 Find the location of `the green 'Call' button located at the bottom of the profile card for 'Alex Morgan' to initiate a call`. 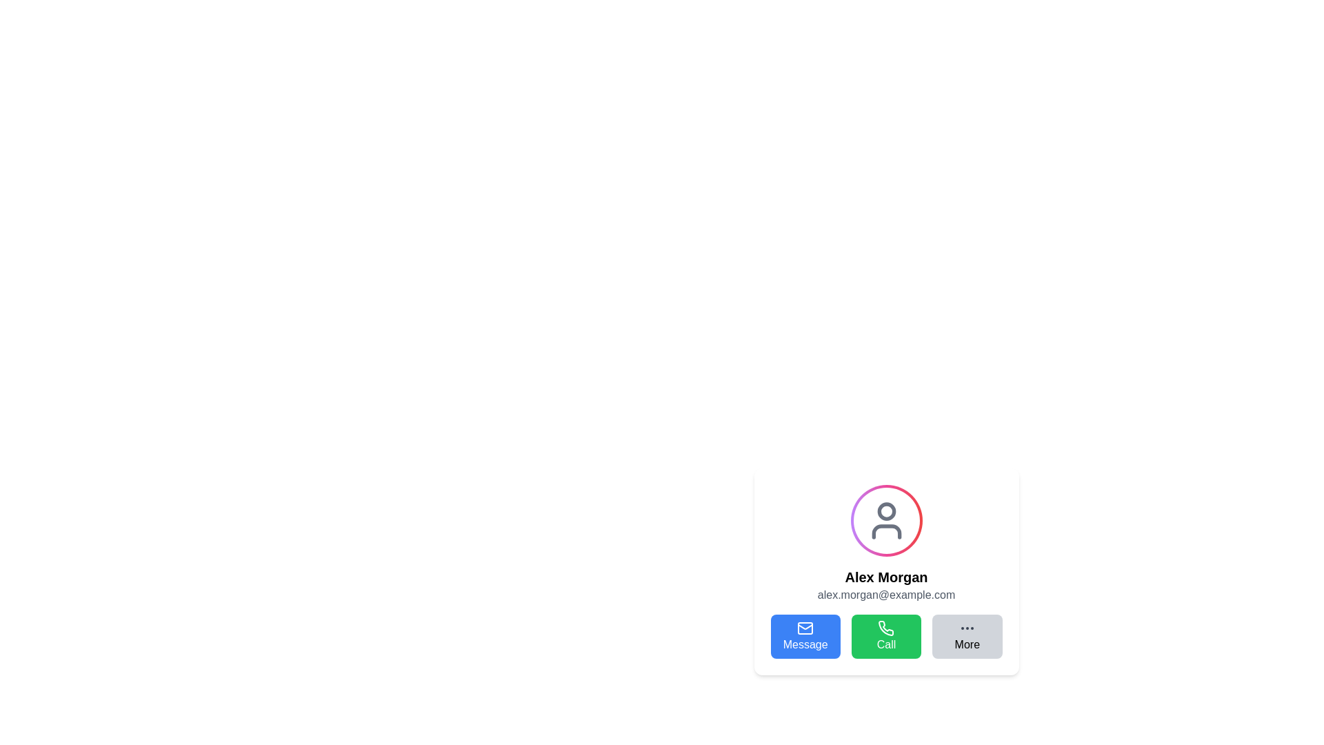

the green 'Call' button located at the bottom of the profile card for 'Alex Morgan' to initiate a call is located at coordinates (886, 636).